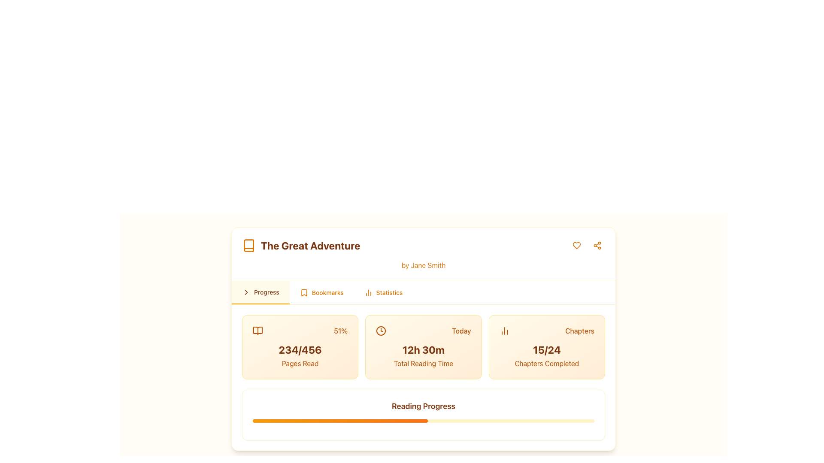  Describe the element at coordinates (597, 246) in the screenshot. I see `the share icon located in the top-right corner of the card interface, which is an orange-colored icon with circles and lines, positioned next to a heart-shaped icon` at that location.